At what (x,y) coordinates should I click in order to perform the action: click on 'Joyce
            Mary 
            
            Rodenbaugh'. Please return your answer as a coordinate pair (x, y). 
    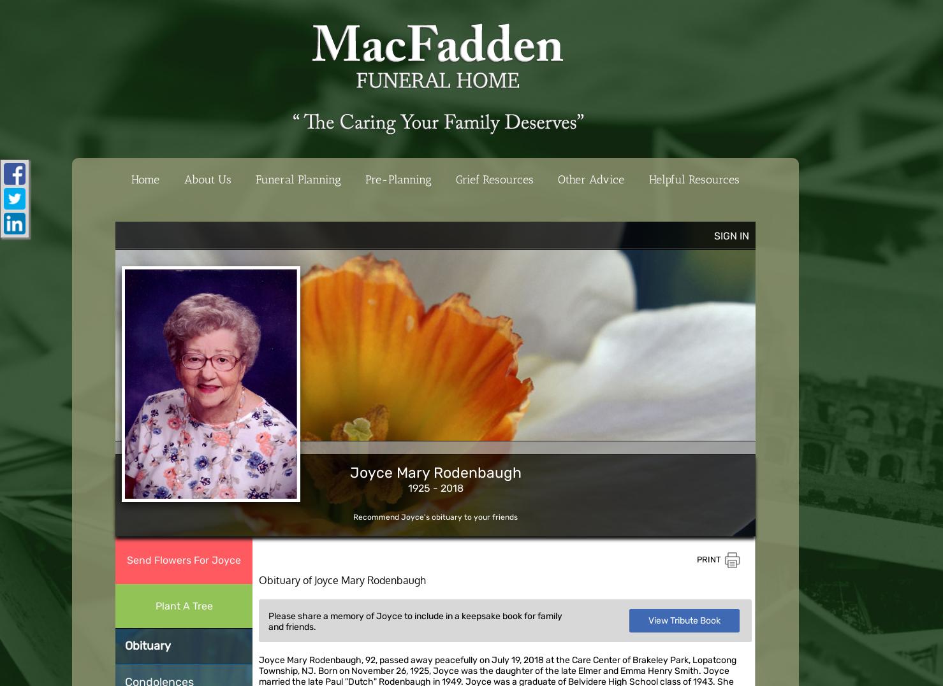
    Looking at the image, I should click on (435, 473).